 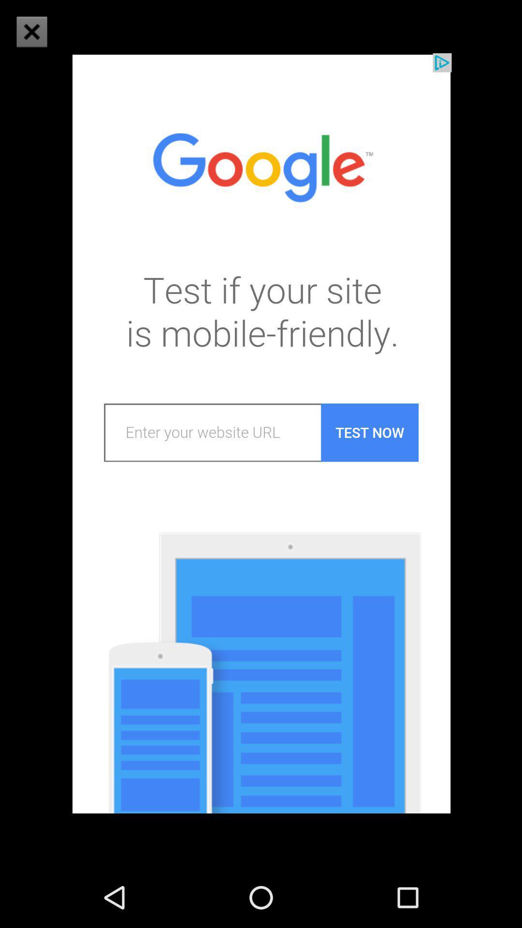 I want to click on the close icon, so click(x=31, y=31).